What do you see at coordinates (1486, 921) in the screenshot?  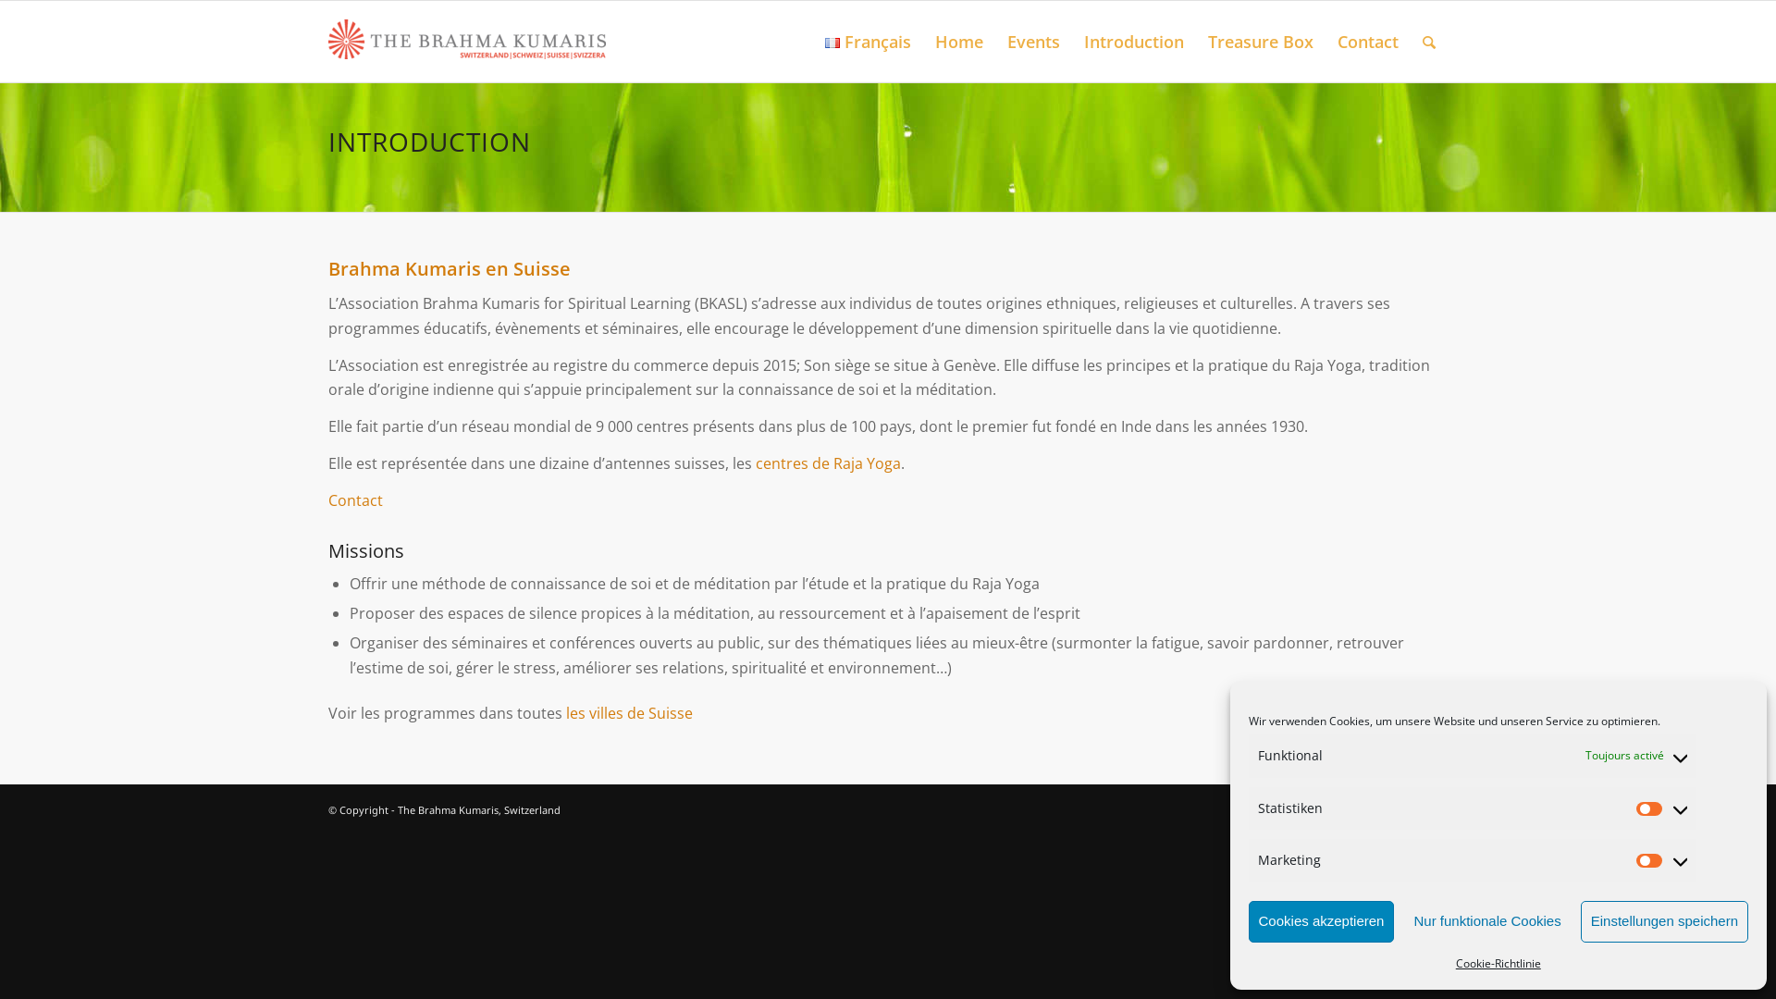 I see `'Nur funktionale Cookies'` at bounding box center [1486, 921].